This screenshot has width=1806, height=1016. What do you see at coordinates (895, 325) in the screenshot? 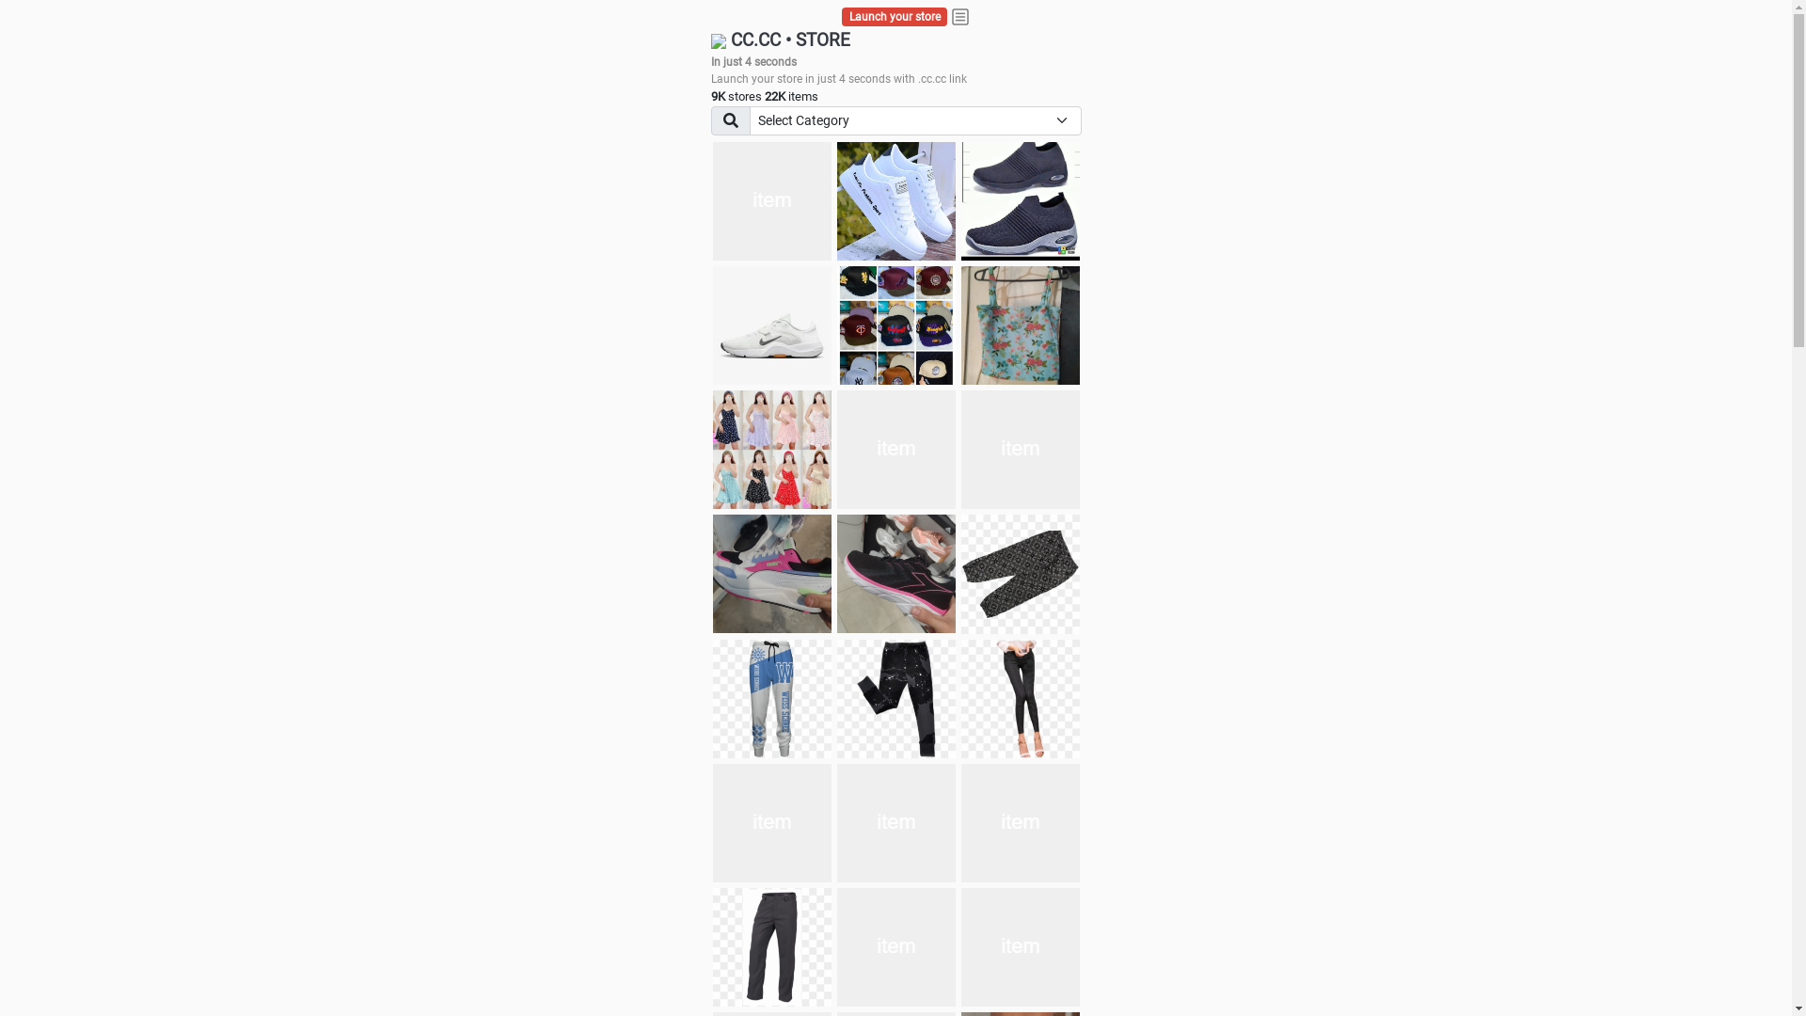
I see `'Things we need'` at bounding box center [895, 325].